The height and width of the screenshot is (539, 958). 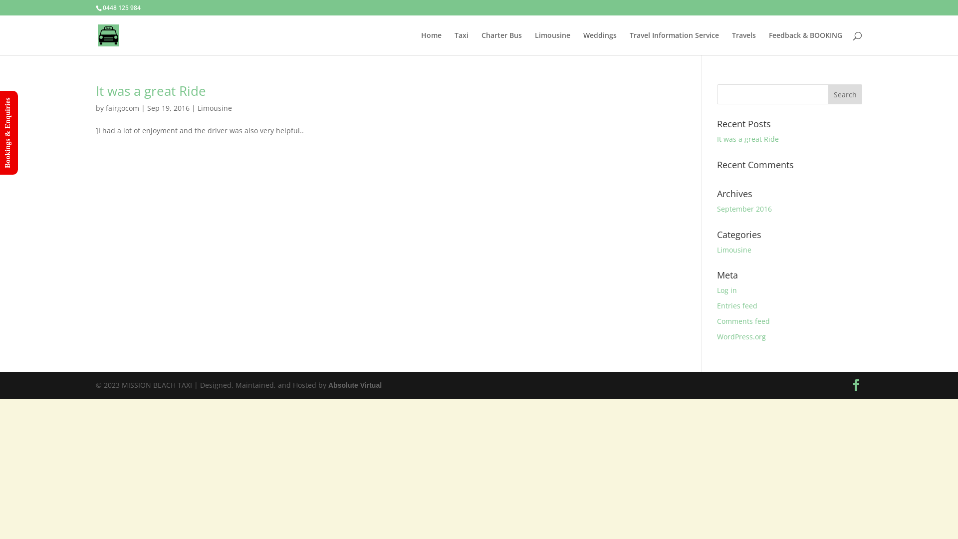 I want to click on 'Entries feed', so click(x=737, y=305).